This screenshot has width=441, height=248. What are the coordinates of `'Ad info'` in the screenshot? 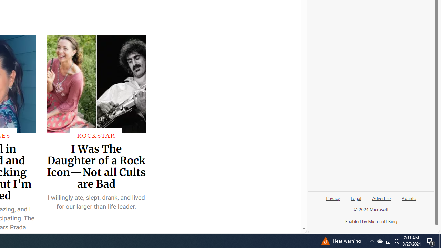 It's located at (409, 201).